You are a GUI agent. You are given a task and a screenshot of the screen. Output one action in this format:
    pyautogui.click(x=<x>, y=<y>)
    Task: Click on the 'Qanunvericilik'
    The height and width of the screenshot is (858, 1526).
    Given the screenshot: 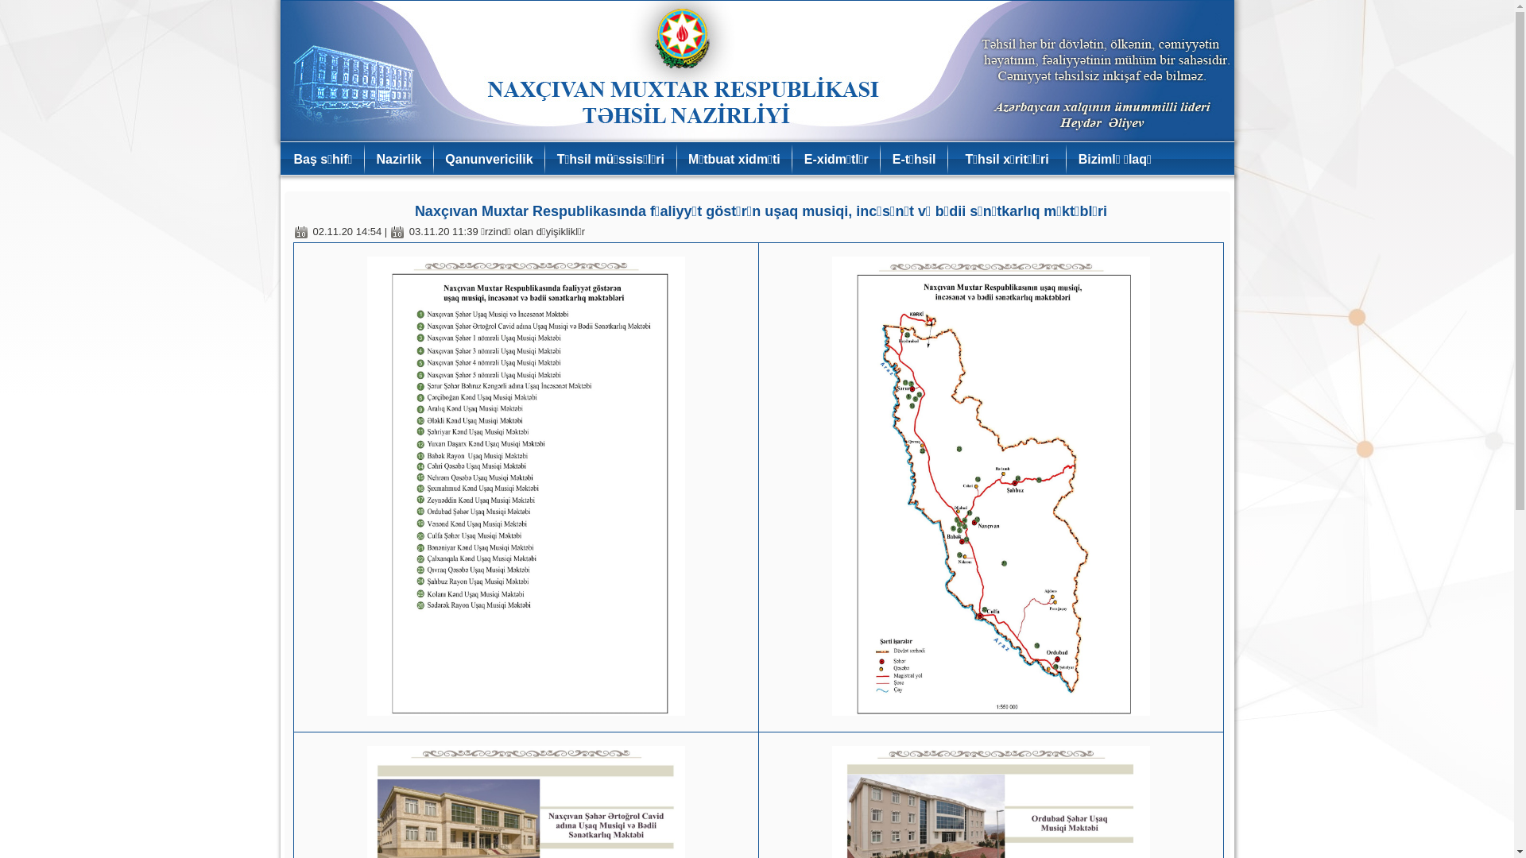 What is the action you would take?
    pyautogui.click(x=487, y=159)
    